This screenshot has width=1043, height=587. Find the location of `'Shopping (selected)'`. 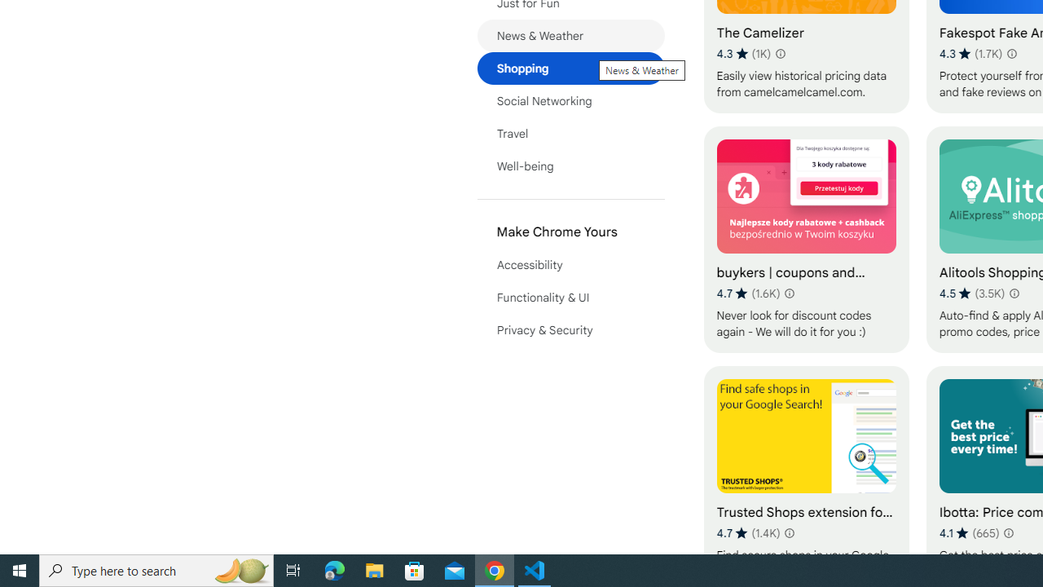

'Shopping (selected)' is located at coordinates (570, 67).